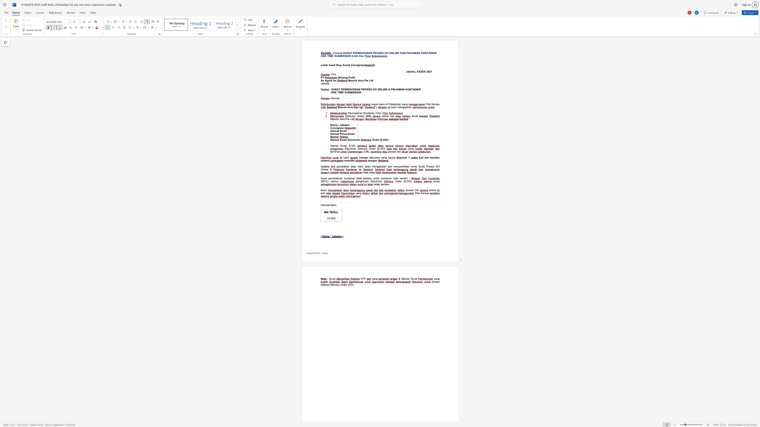 The width and height of the screenshot is (760, 427). I want to click on the space between the continuous character "N" and "A" in the text, so click(368, 53).